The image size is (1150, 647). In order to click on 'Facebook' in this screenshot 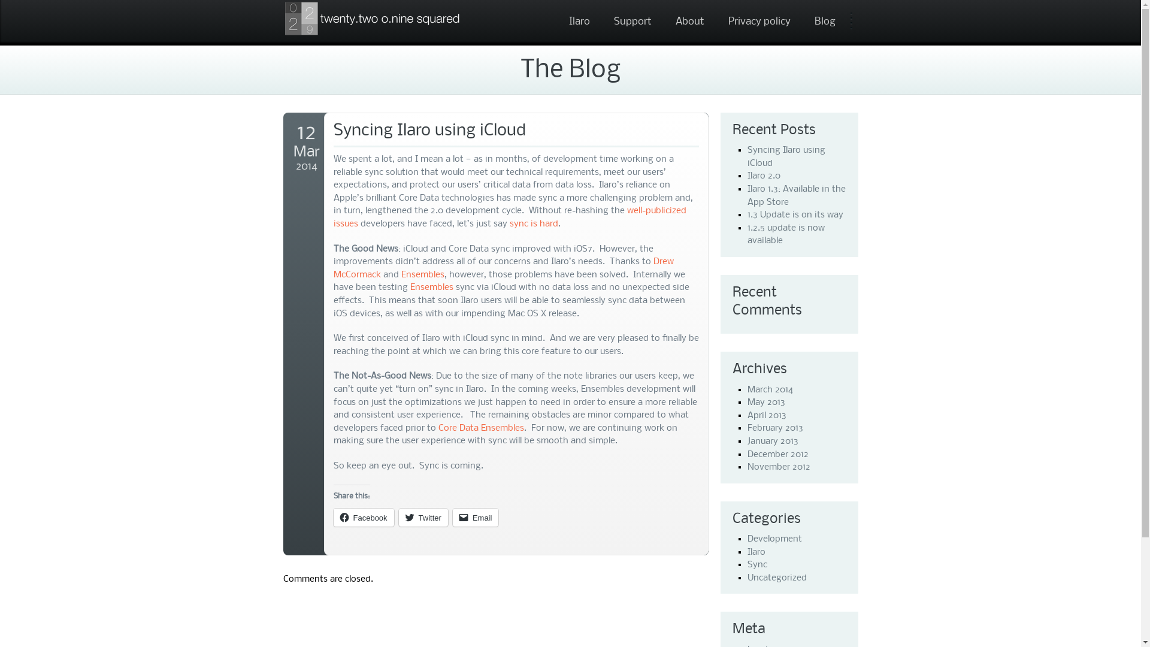, I will do `click(362, 517)`.